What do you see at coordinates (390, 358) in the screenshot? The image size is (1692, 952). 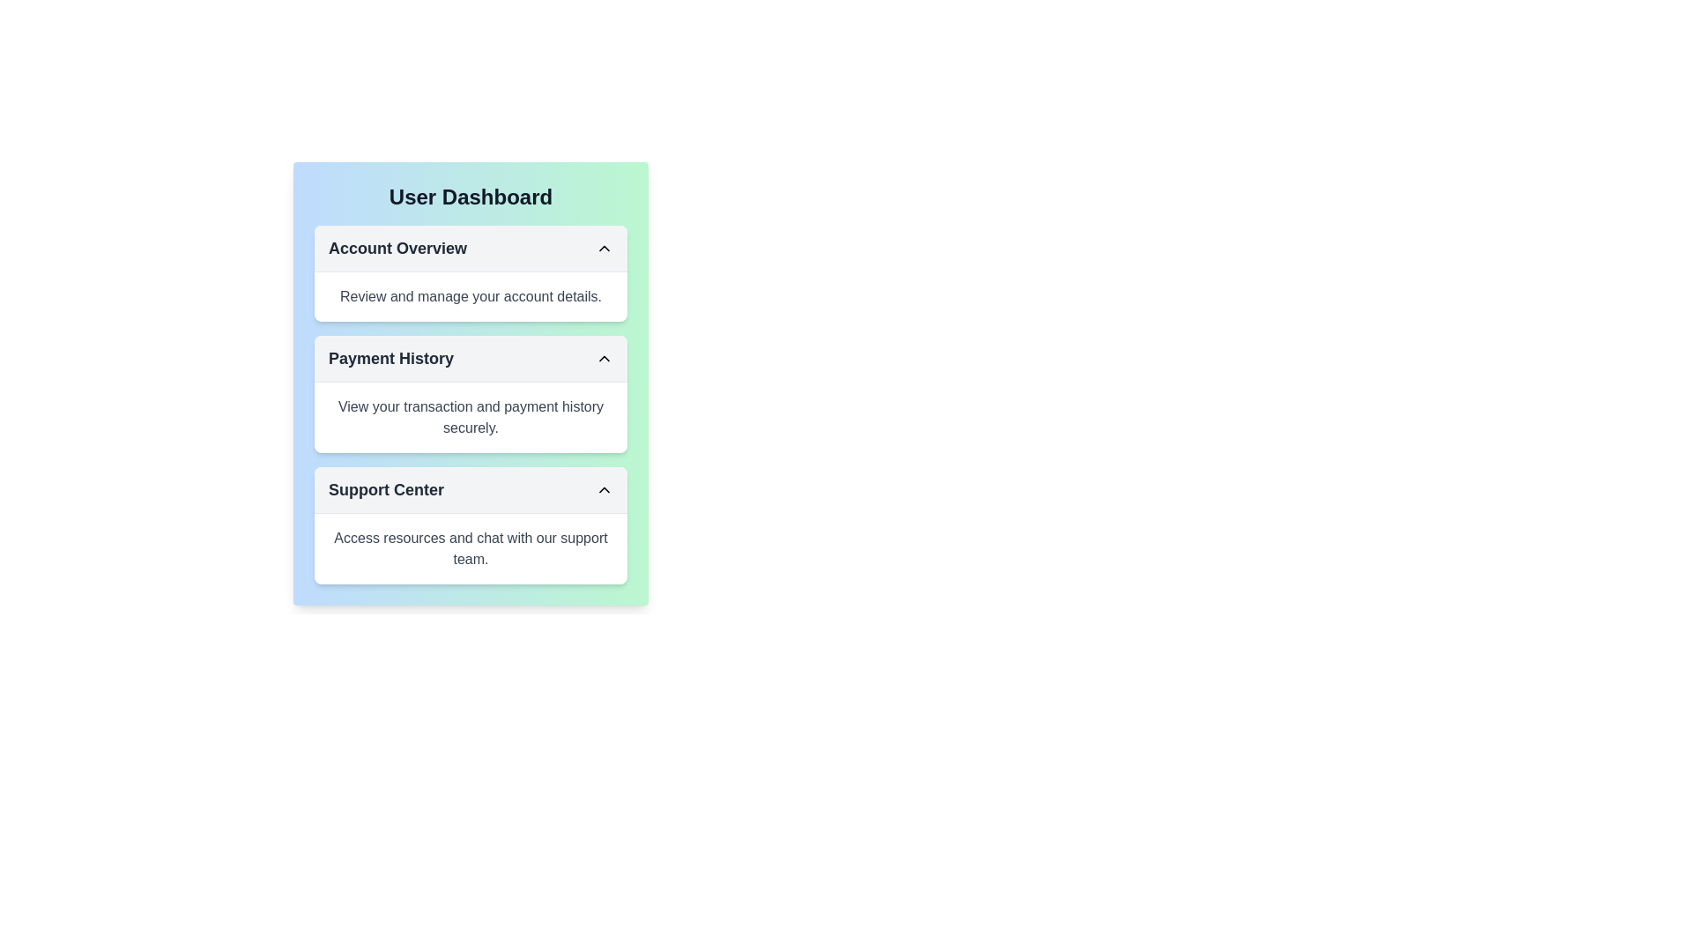 I see `the 'Payment History' section header text label, which is centrally positioned in the second section of the User Dashboard, above a description text block and next to an upward-facing icon` at bounding box center [390, 358].